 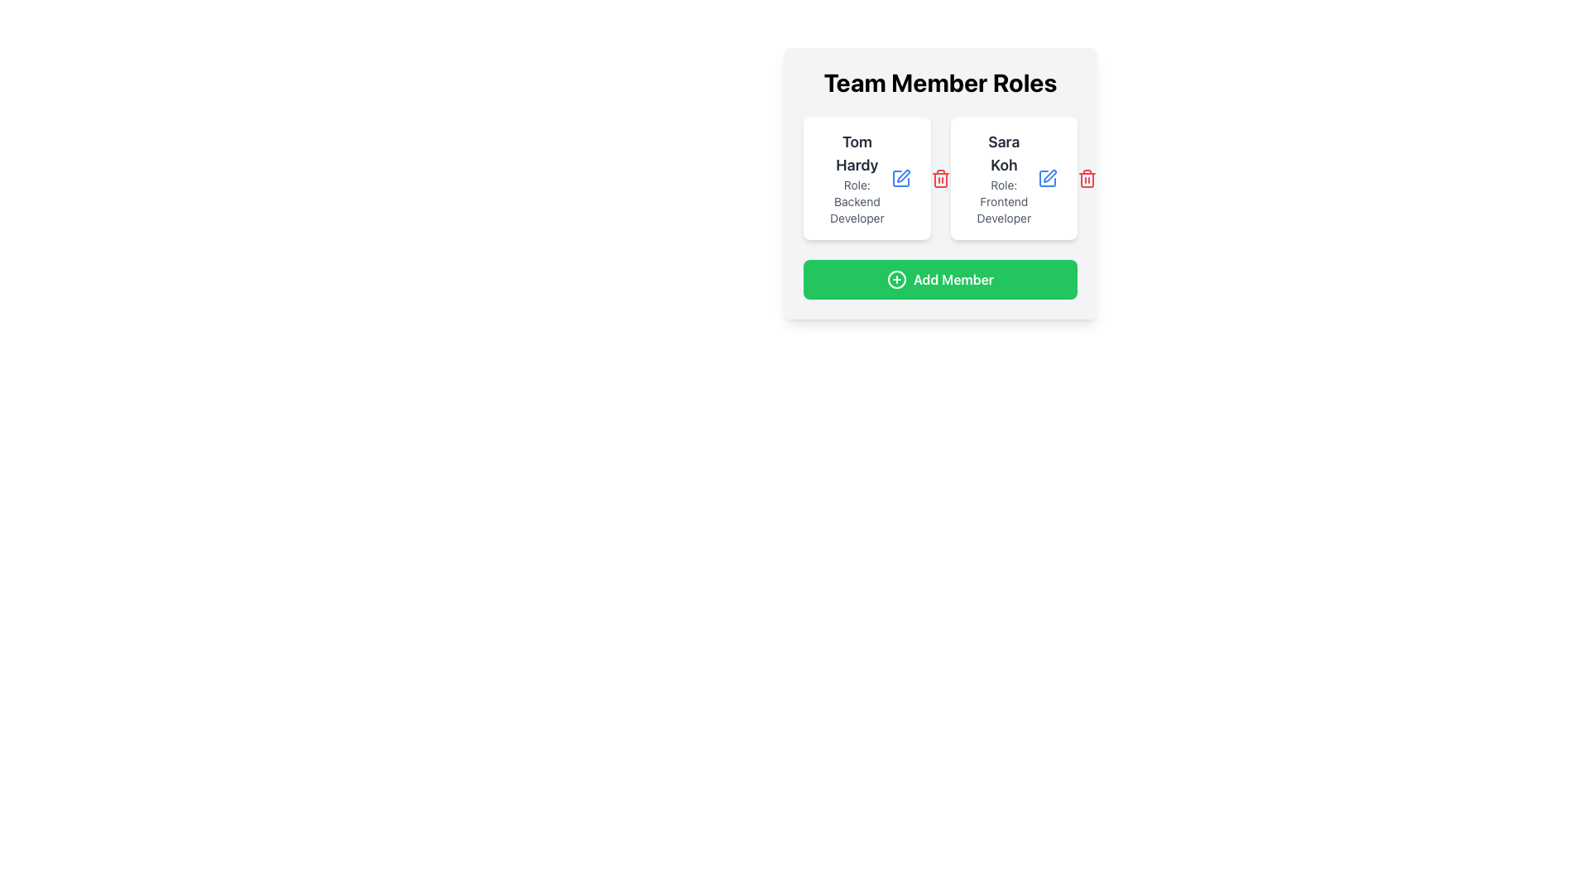 What do you see at coordinates (1003, 200) in the screenshot?
I see `text label that displays 'Role: Frontend Developer', which is styled in a small gray font and located beneath the name 'Sara Koh' within a card-like layout` at bounding box center [1003, 200].